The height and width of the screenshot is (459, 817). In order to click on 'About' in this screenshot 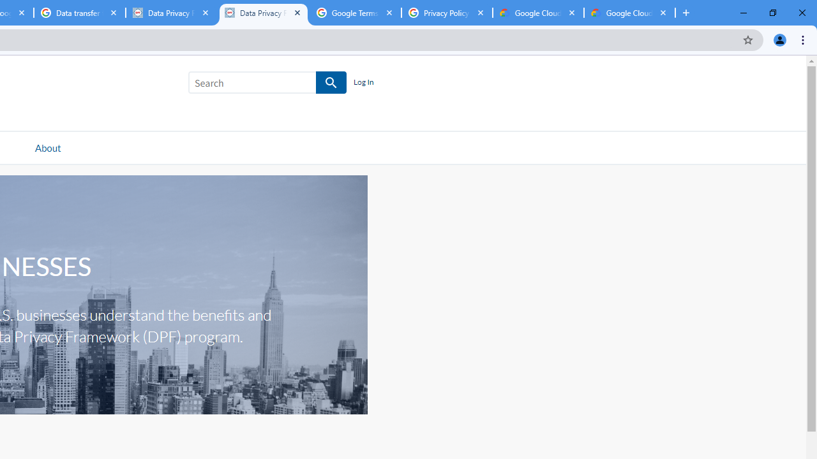, I will do `click(47, 147)`.